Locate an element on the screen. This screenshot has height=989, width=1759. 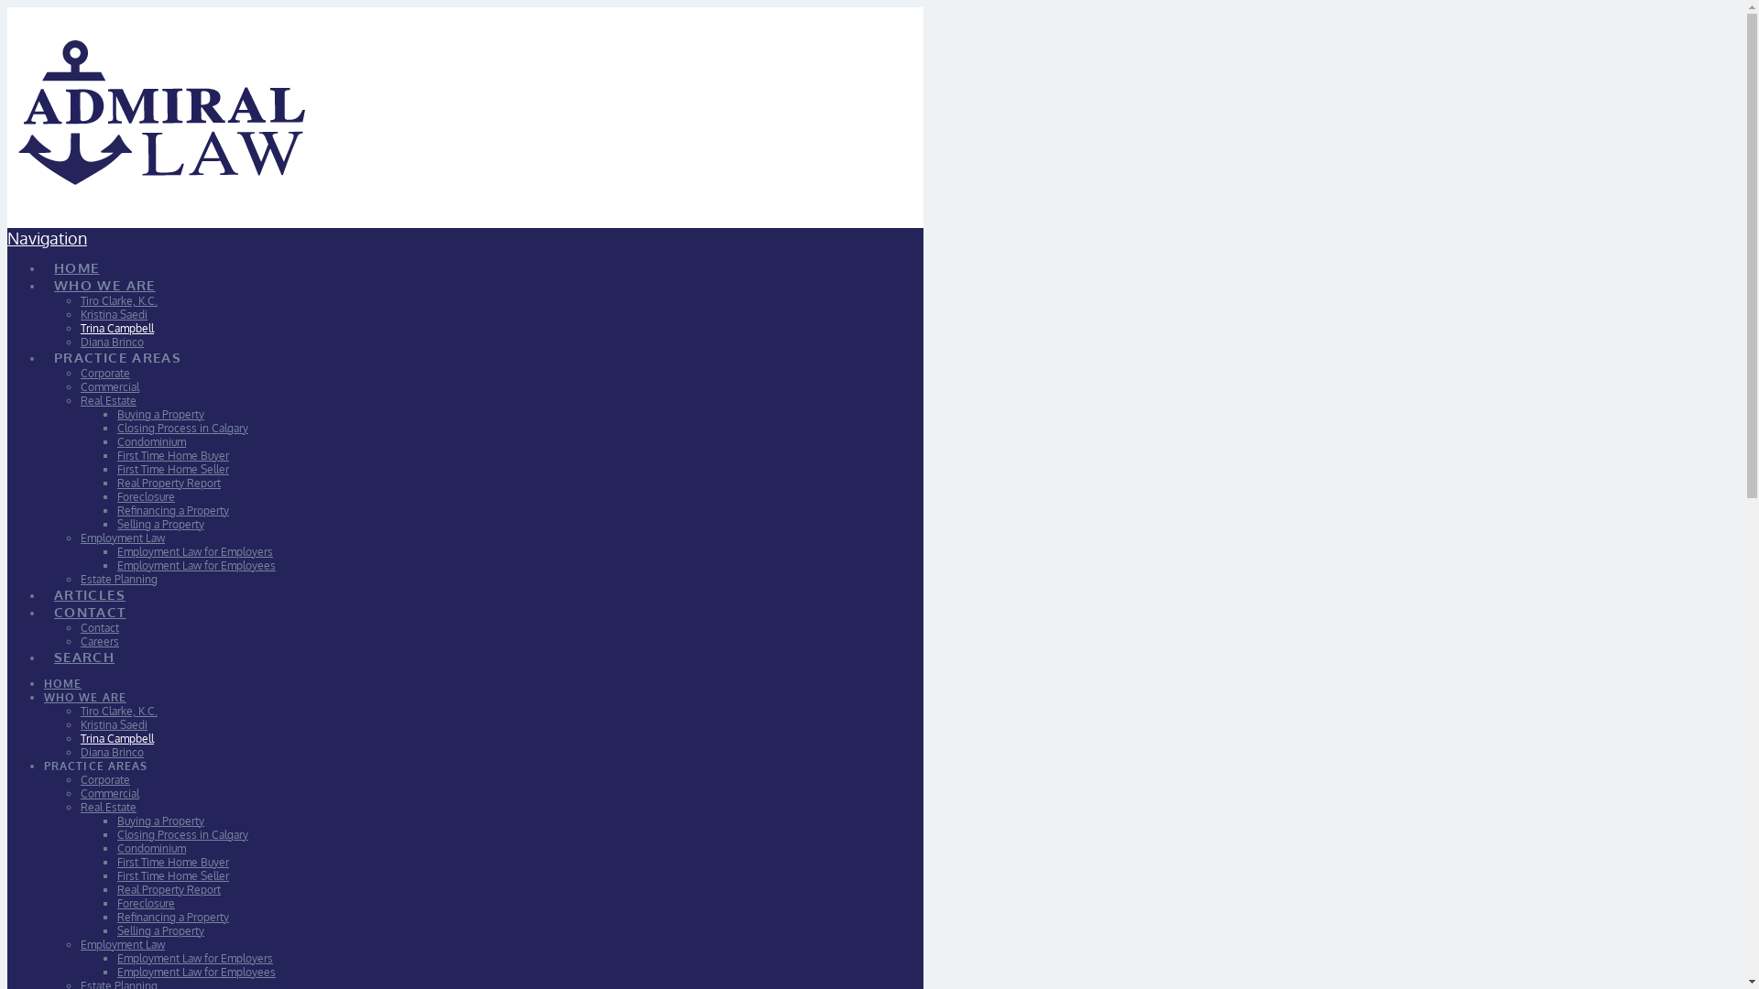
'Real Estate' is located at coordinates (107, 806).